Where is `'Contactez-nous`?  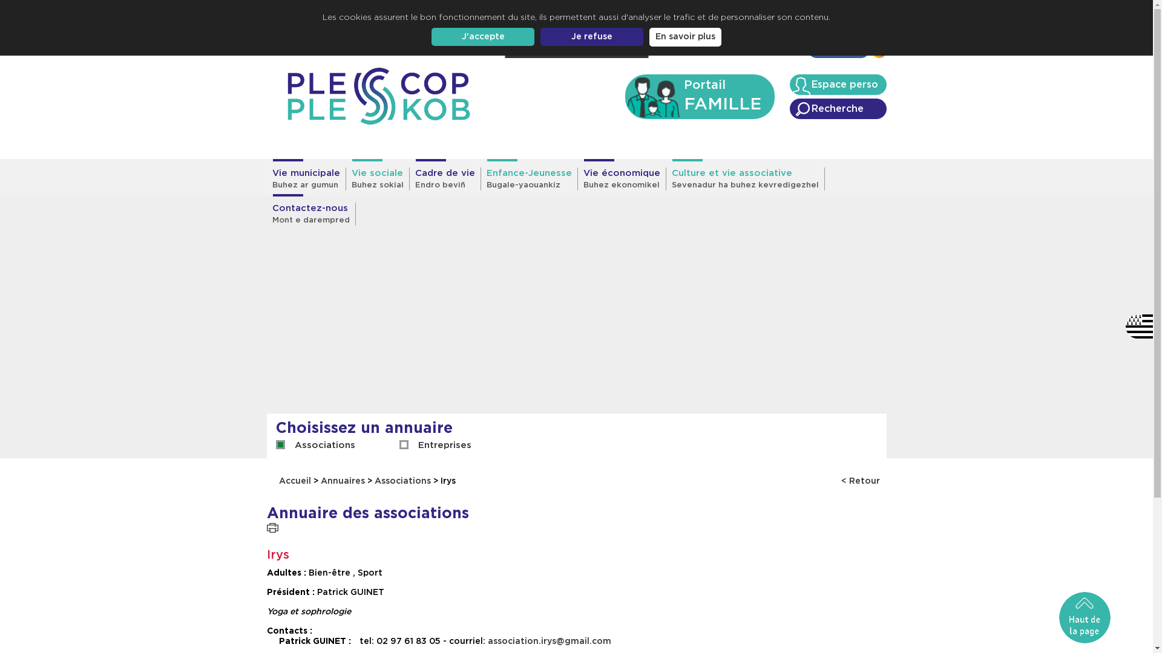
'Contactez-nous is located at coordinates (310, 213).